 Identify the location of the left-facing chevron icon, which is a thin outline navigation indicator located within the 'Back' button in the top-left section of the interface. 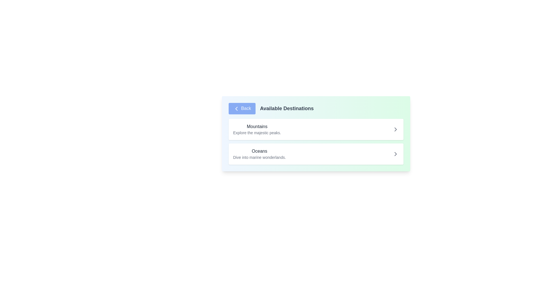
(236, 108).